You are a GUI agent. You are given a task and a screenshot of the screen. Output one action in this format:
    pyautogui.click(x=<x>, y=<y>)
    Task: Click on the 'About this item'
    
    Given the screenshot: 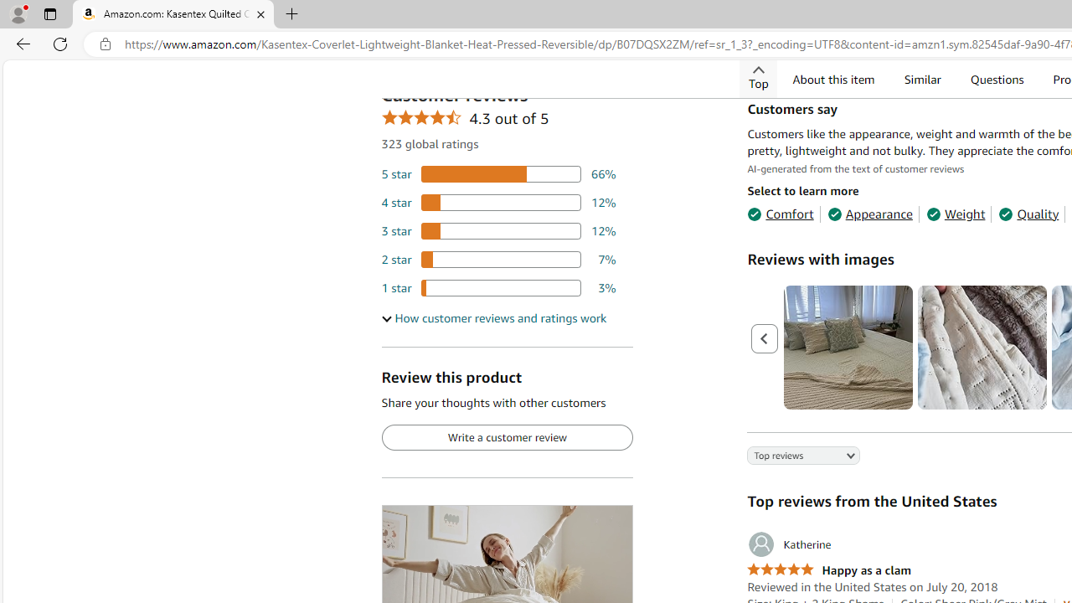 What is the action you would take?
    pyautogui.click(x=833, y=79)
    